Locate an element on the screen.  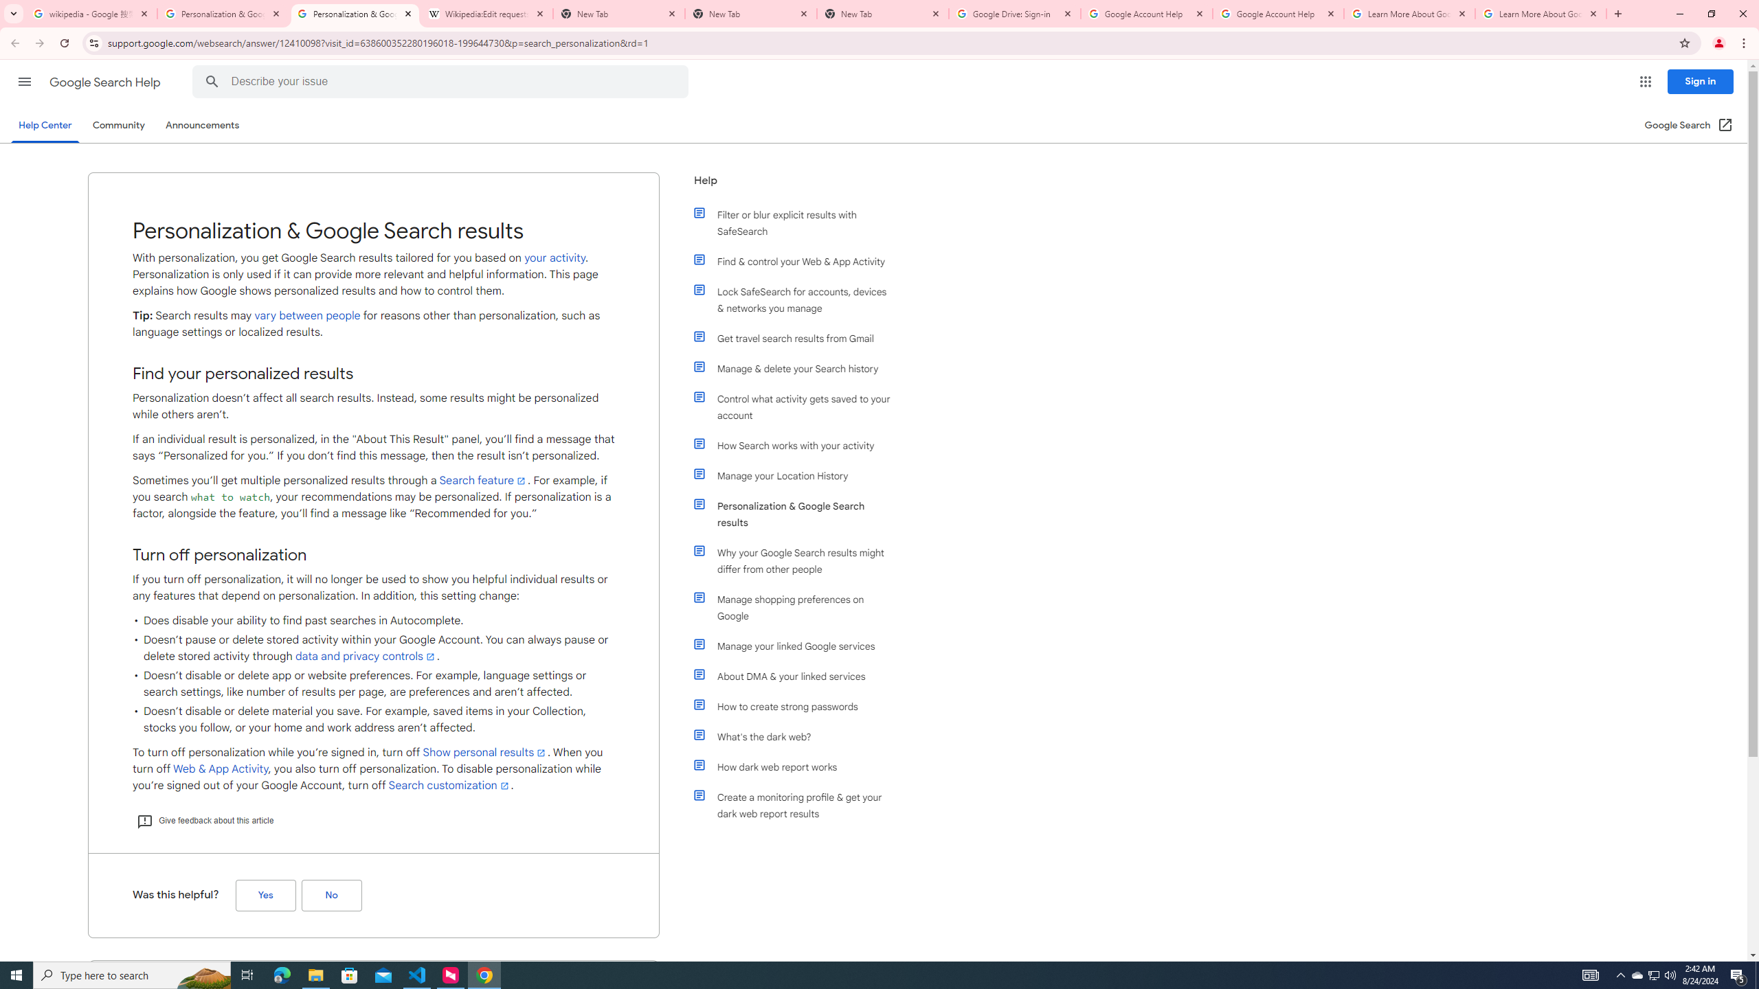
'How dark web report works' is located at coordinates (798, 766).